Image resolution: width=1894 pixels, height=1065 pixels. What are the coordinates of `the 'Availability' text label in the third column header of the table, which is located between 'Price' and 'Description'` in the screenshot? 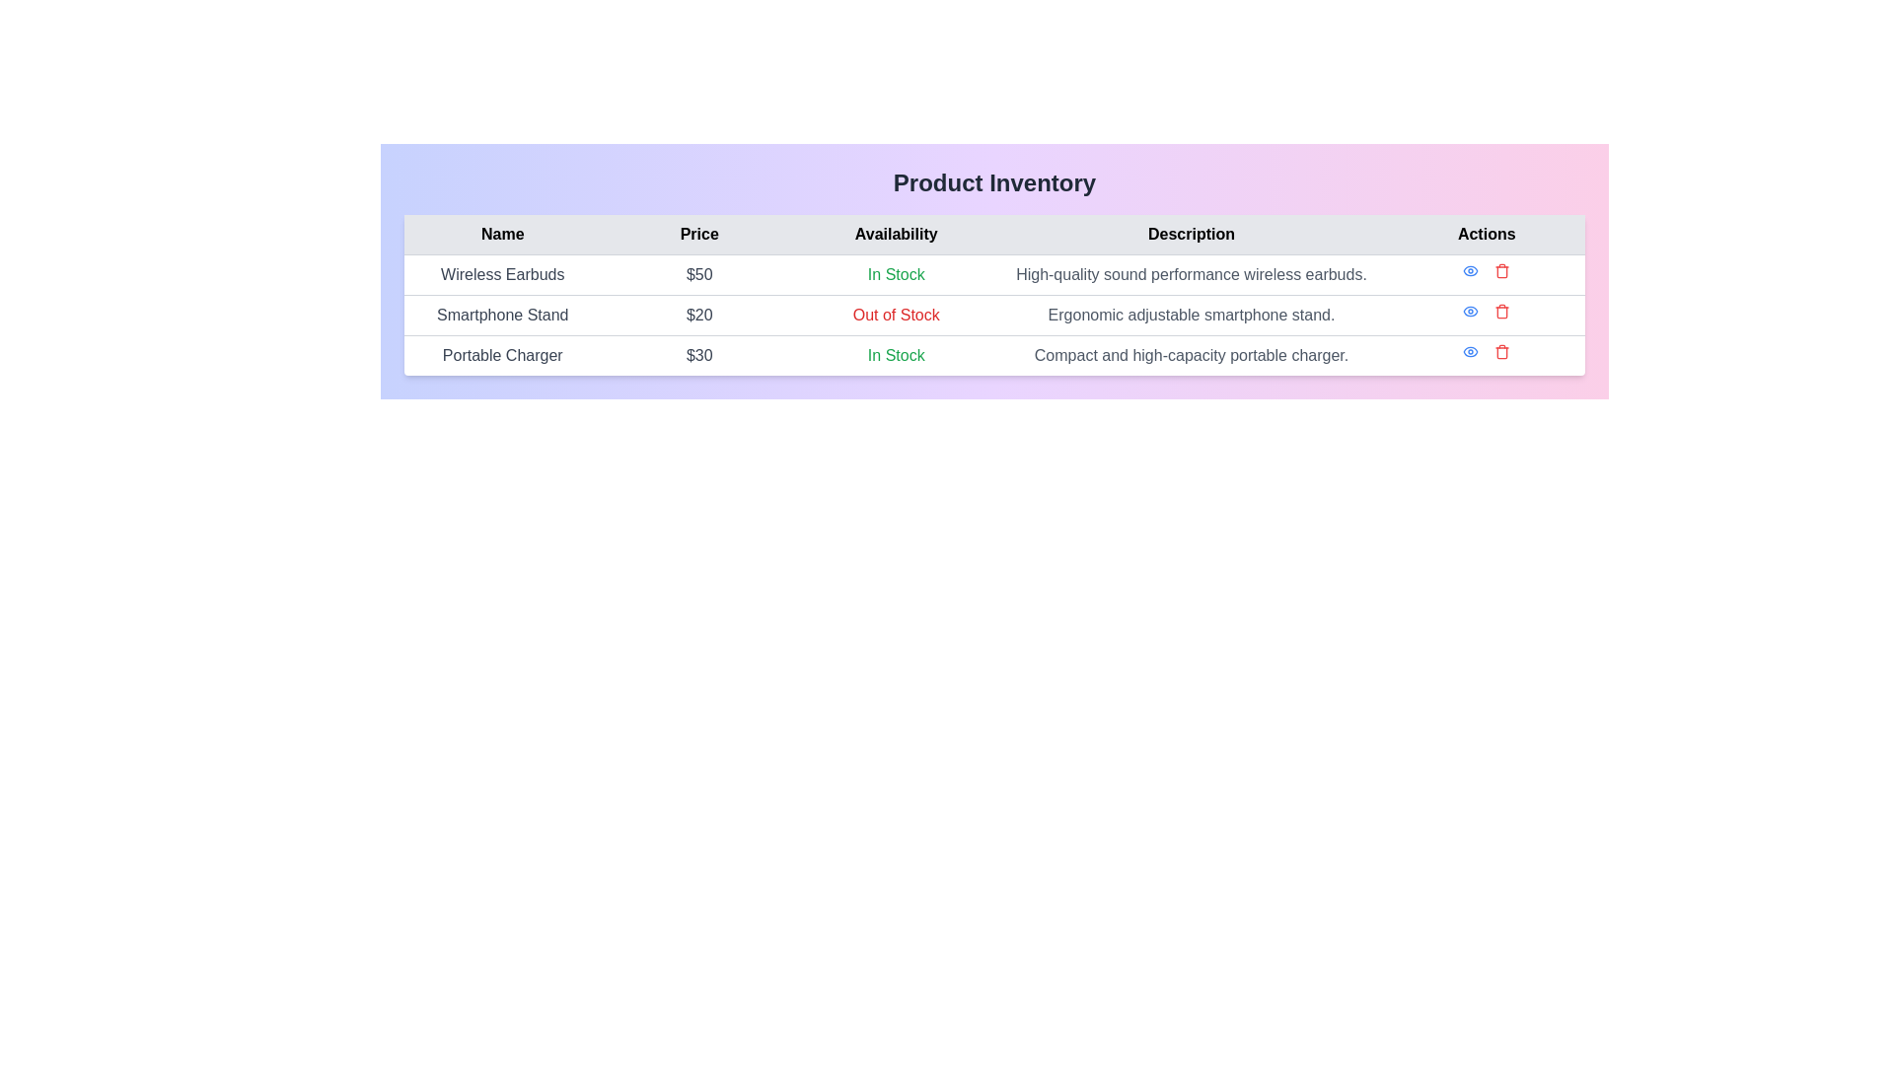 It's located at (895, 234).